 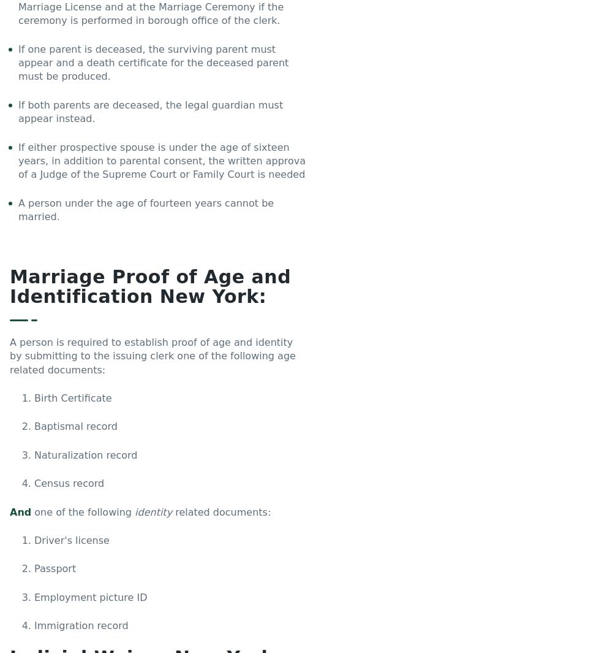 What do you see at coordinates (69, 483) in the screenshot?
I see `'Census record'` at bounding box center [69, 483].